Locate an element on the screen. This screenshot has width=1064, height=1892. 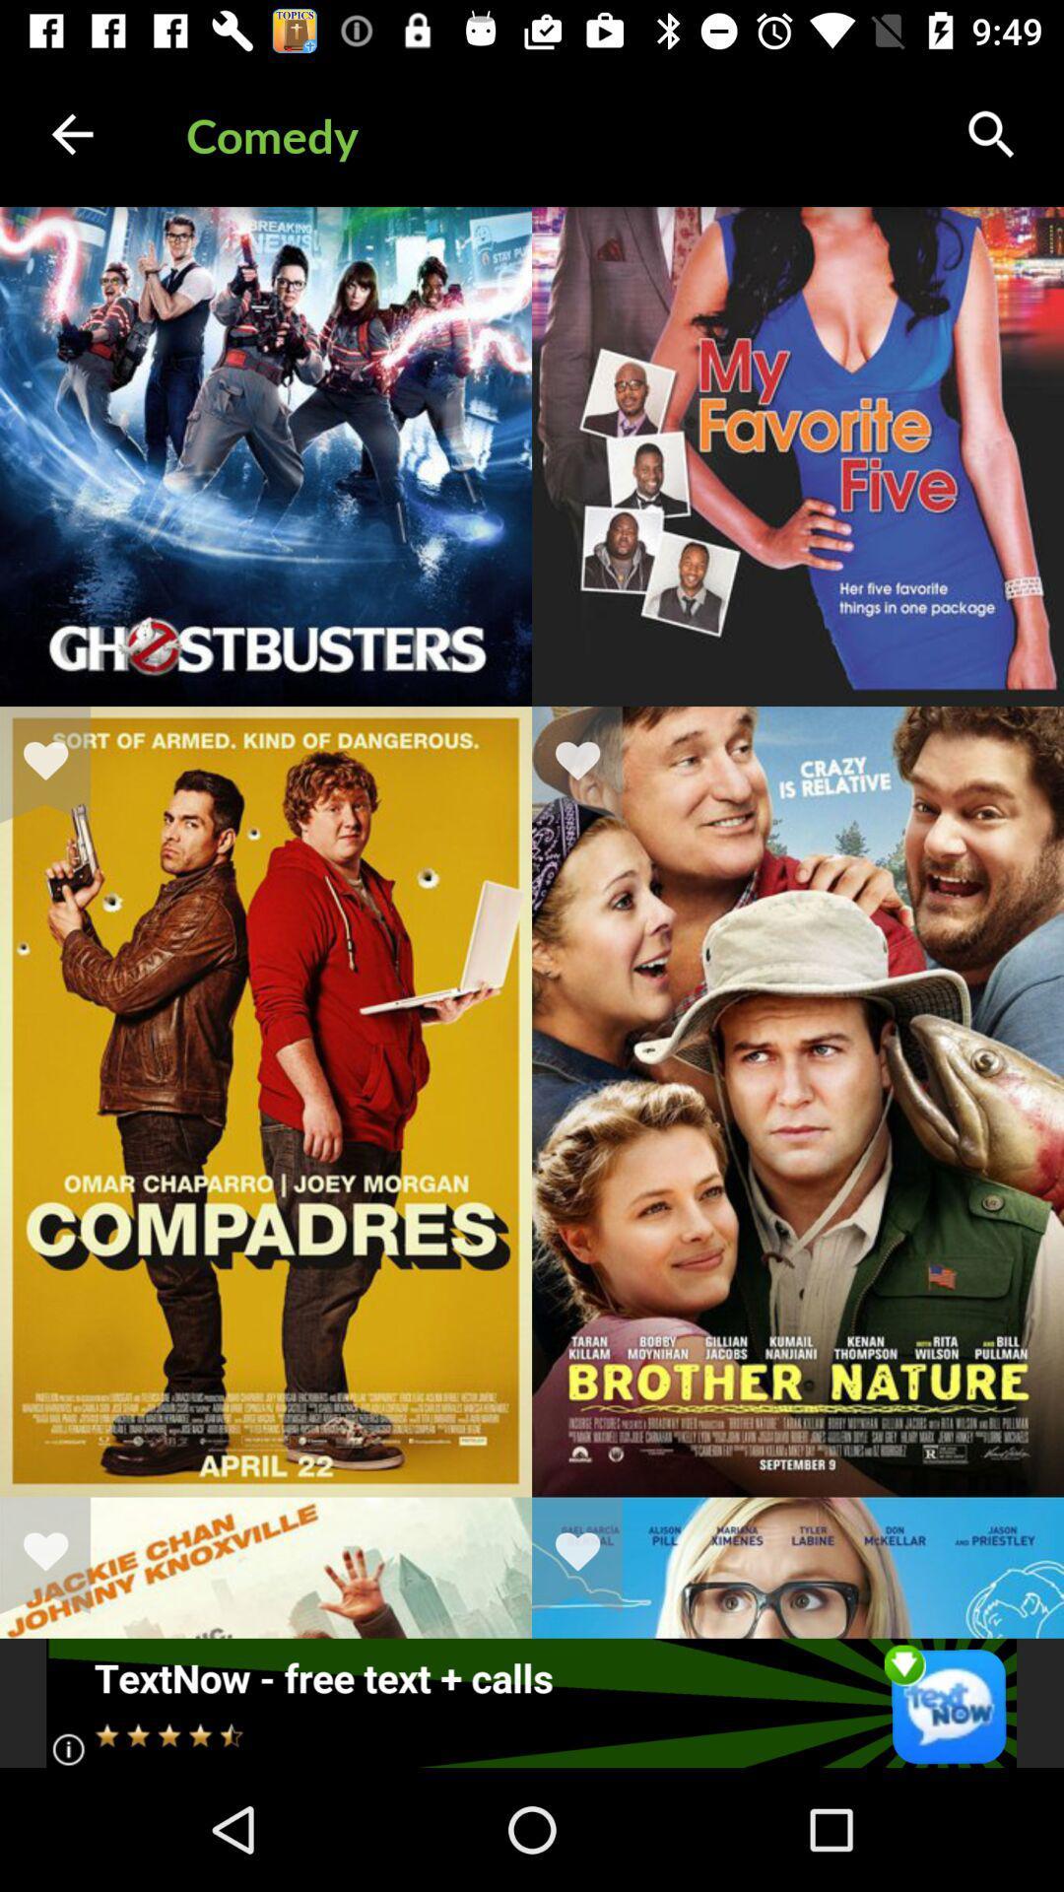
the icon next to the comedy item is located at coordinates (71, 133).